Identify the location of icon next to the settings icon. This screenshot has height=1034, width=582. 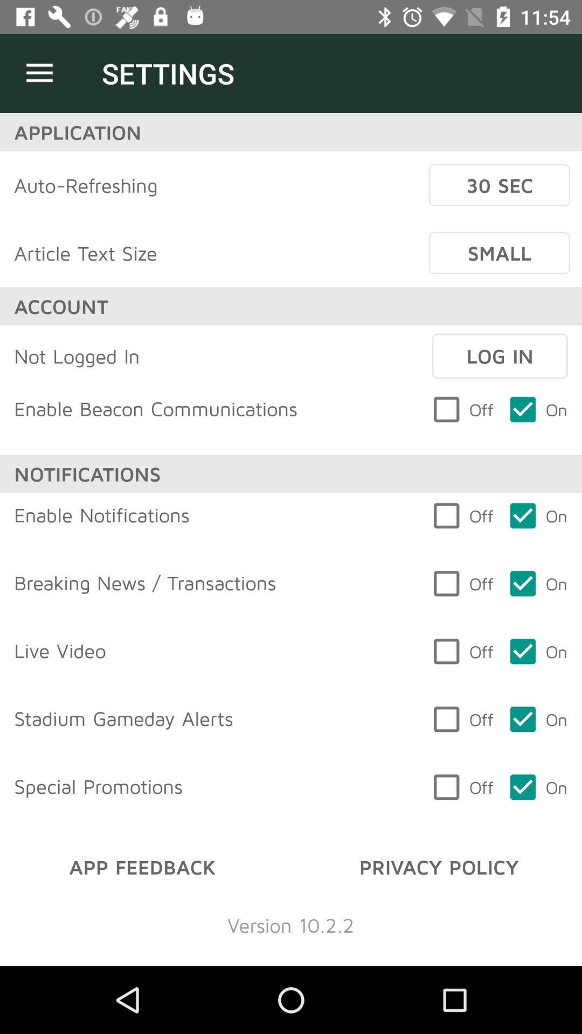
(39, 73).